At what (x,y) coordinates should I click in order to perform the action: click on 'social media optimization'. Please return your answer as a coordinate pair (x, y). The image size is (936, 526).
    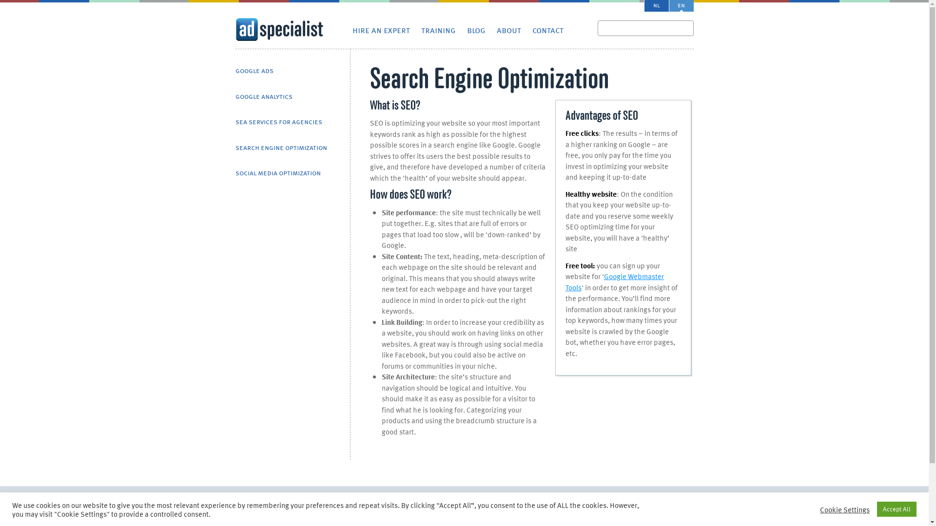
    Looking at the image, I should click on (234, 173).